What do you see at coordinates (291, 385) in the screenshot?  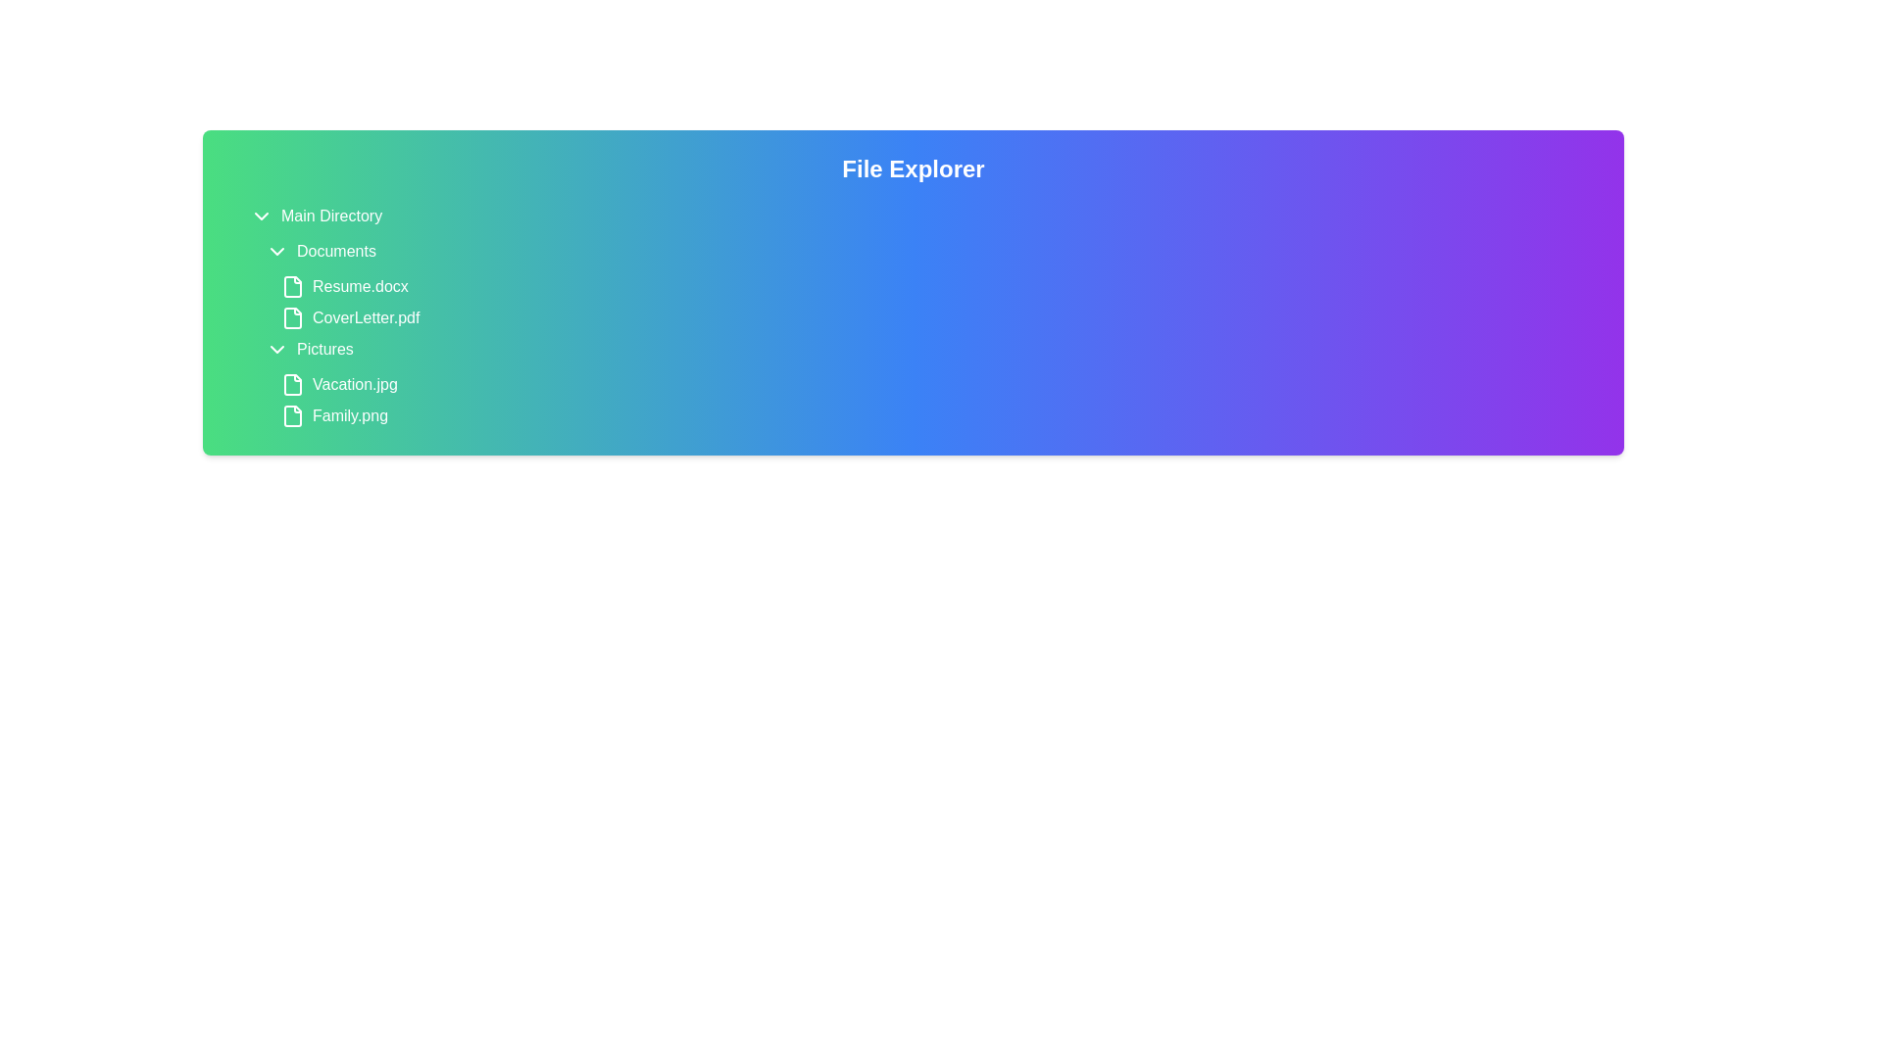 I see `the graphical icon representing the 'Vacation.jpg' file type, located next to the text in the 'Pictures' folder` at bounding box center [291, 385].